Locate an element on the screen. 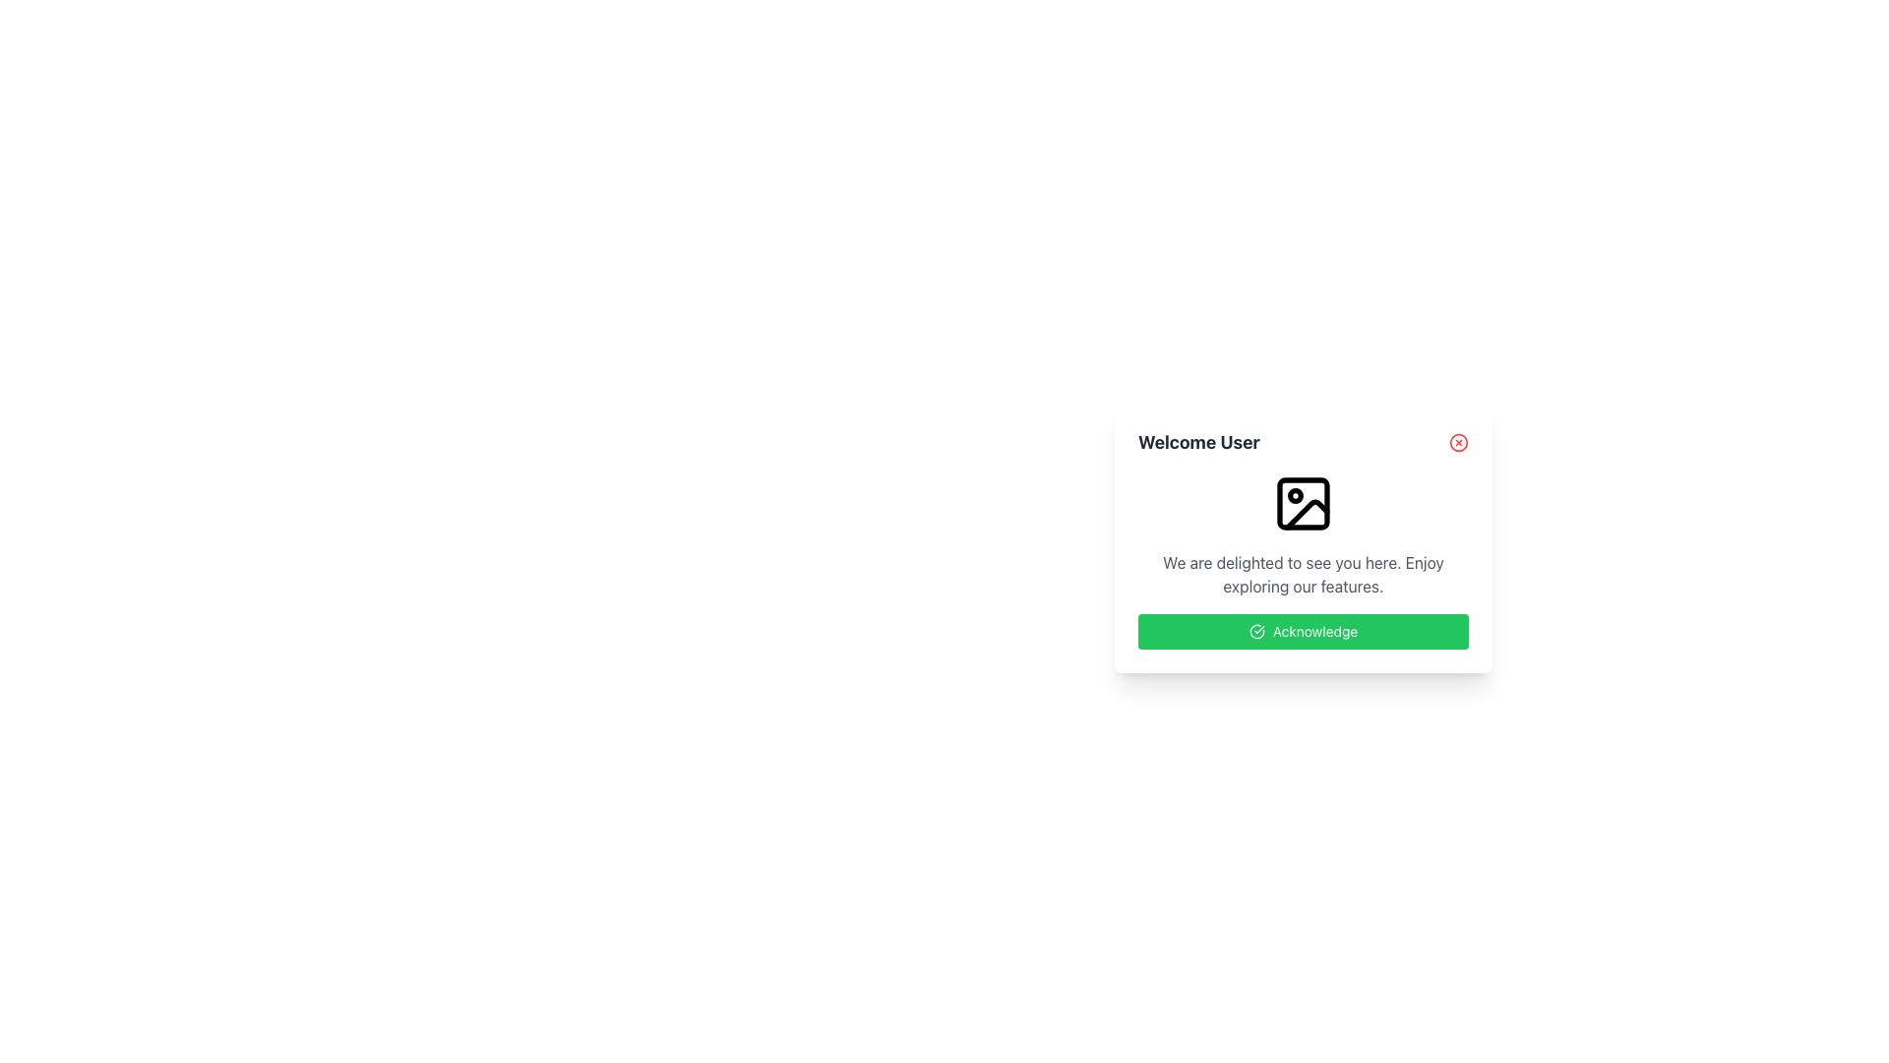  the bright green 'Acknowledge' button with a white checkmark icon is located at coordinates (1303, 630).